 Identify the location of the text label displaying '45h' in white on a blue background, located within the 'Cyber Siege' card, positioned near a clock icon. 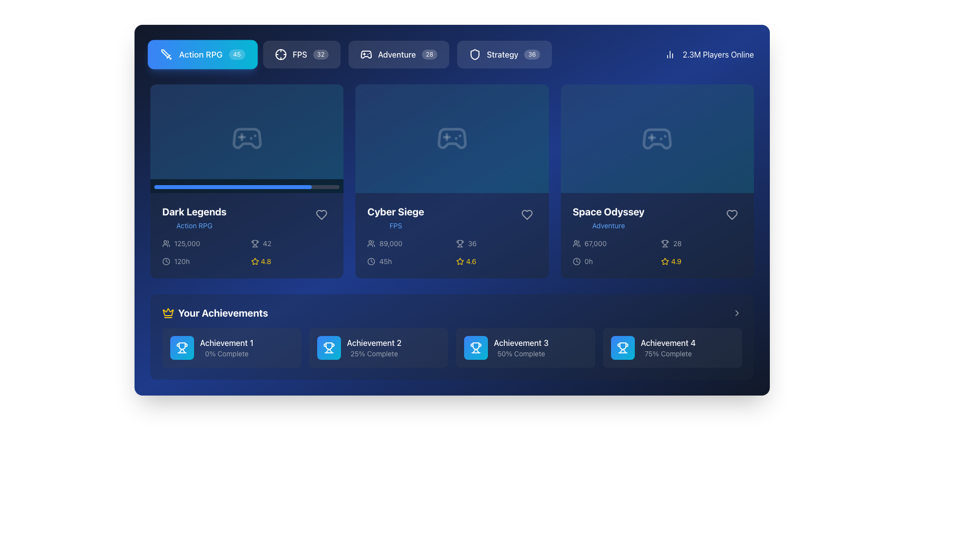
(385, 261).